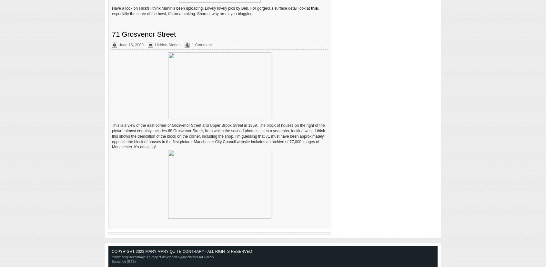 The height and width of the screenshot is (267, 546). What do you see at coordinates (111, 261) in the screenshot?
I see `'Subscribe (RSS)'` at bounding box center [111, 261].